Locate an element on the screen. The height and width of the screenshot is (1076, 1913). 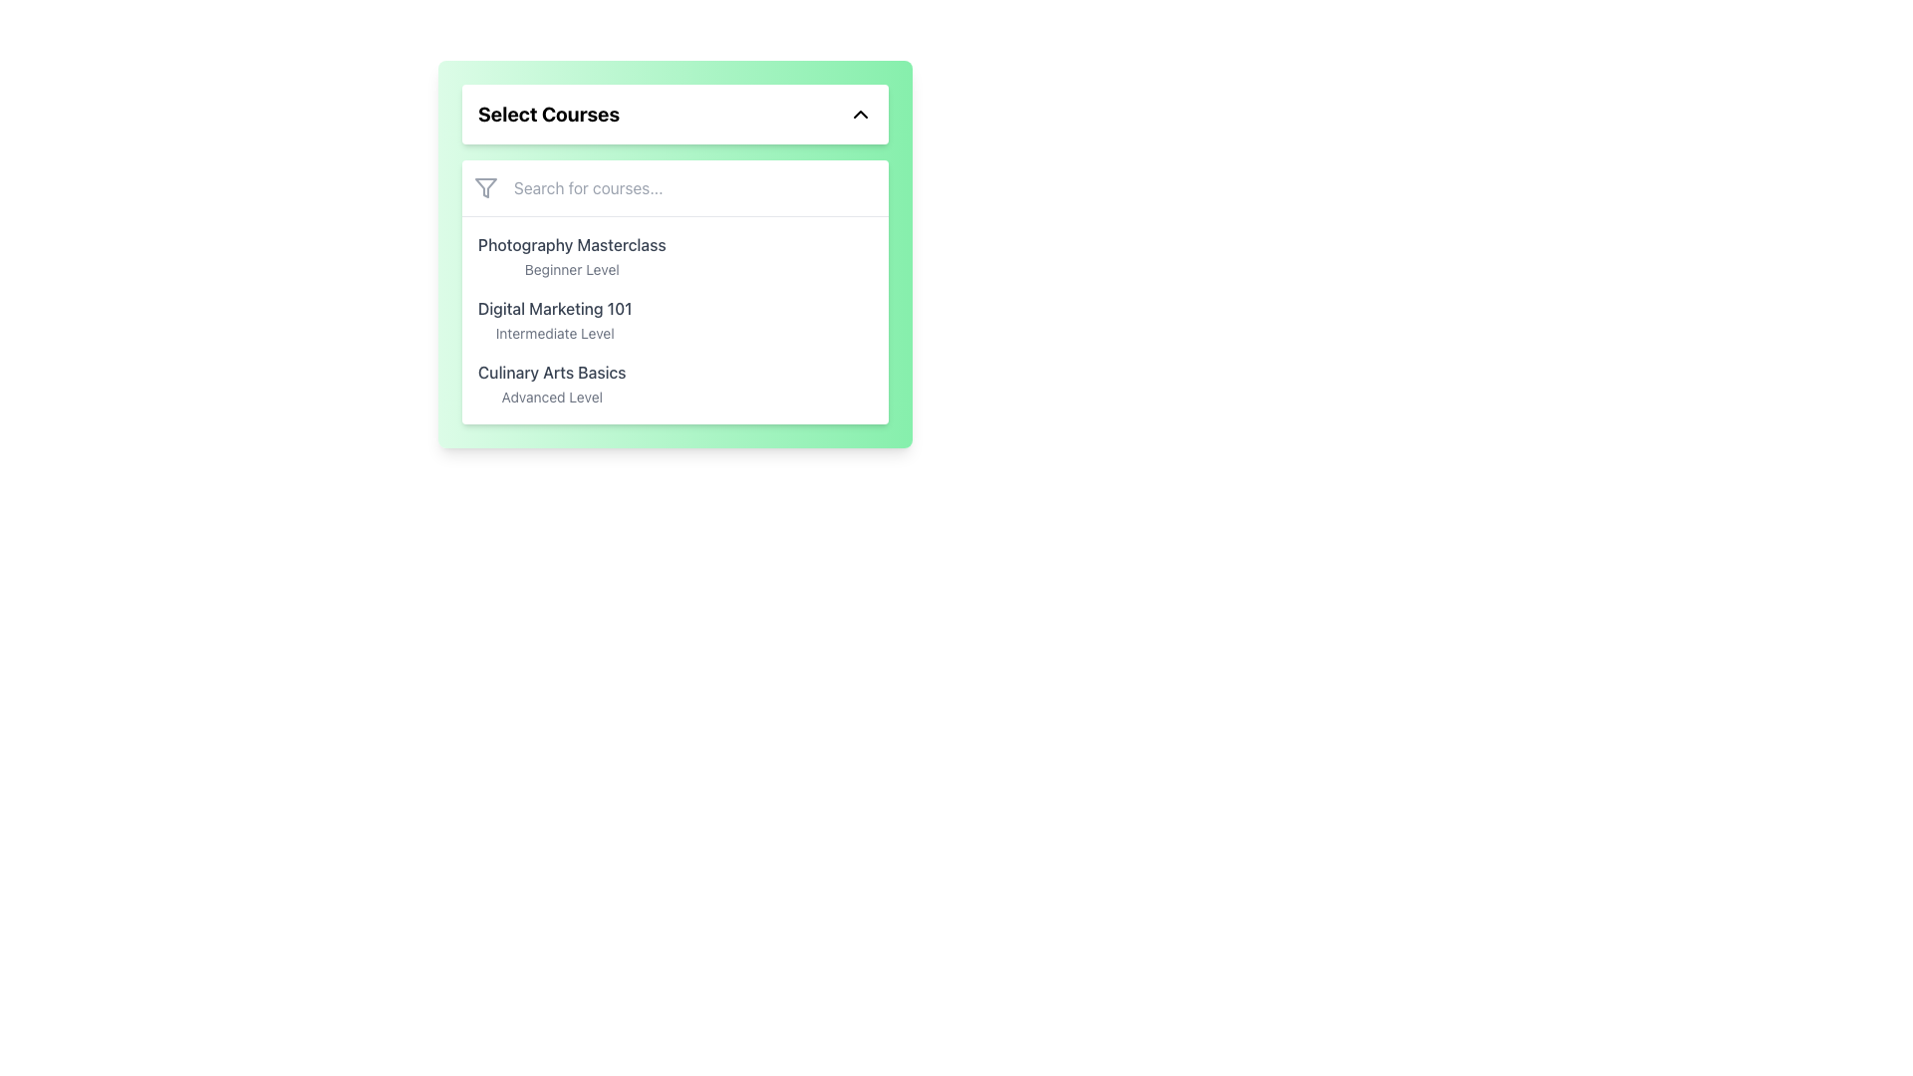
the 'Culinary Arts Basics' text label is located at coordinates (552, 384).